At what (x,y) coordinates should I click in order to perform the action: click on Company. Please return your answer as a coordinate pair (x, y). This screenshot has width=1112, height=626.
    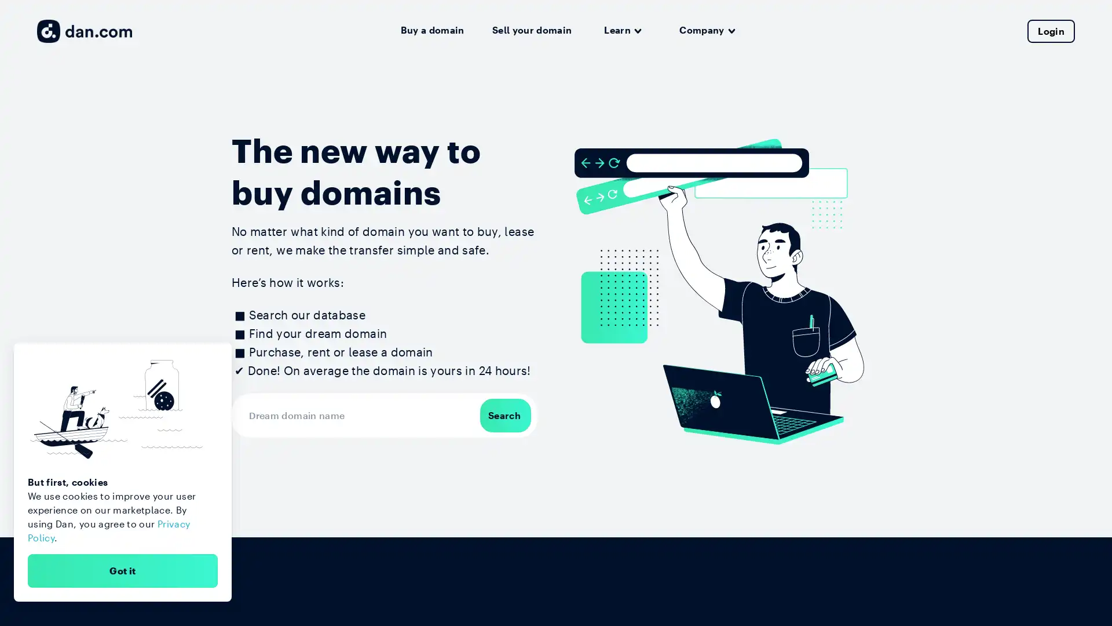
    Looking at the image, I should click on (707, 30).